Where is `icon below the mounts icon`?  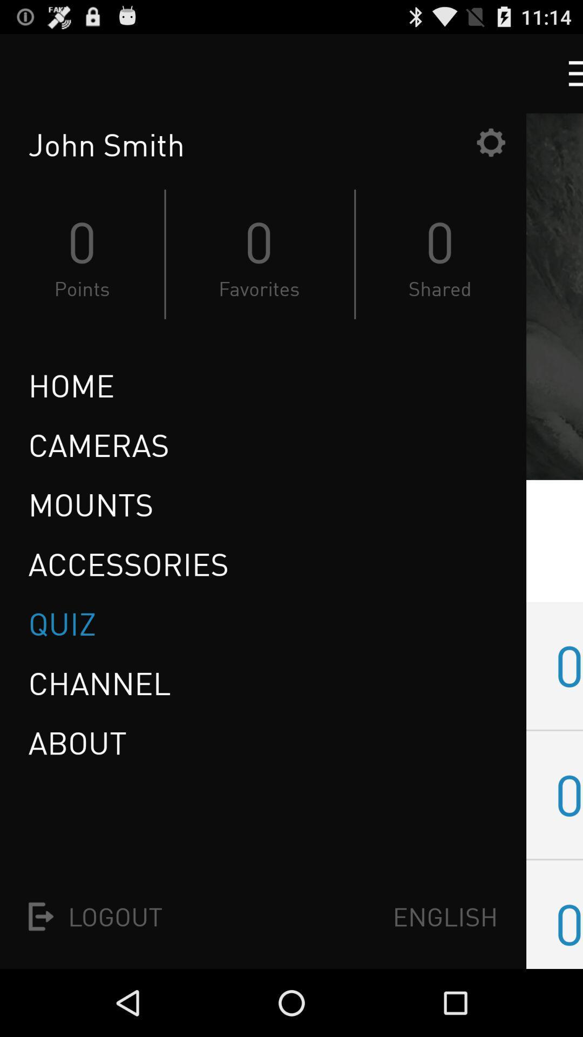
icon below the mounts icon is located at coordinates (128, 563).